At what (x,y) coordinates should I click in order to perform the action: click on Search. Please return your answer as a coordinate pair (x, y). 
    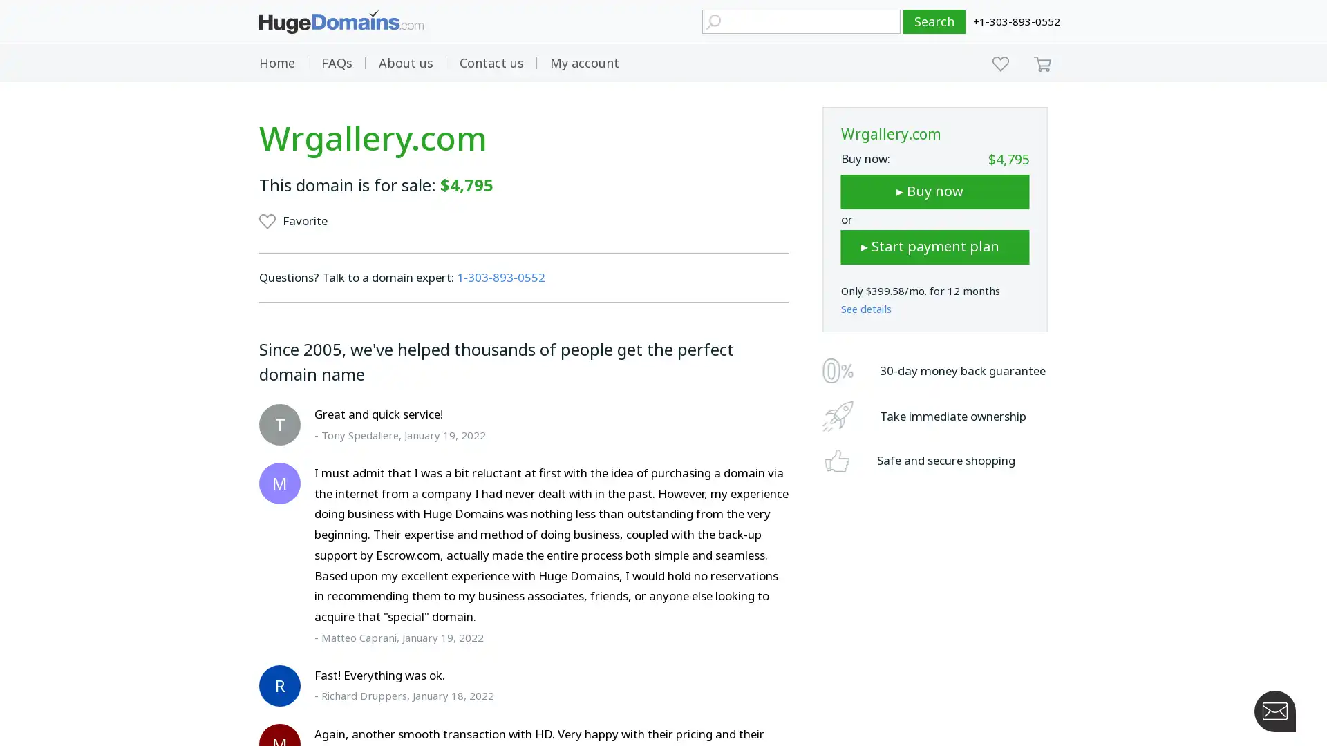
    Looking at the image, I should click on (934, 21).